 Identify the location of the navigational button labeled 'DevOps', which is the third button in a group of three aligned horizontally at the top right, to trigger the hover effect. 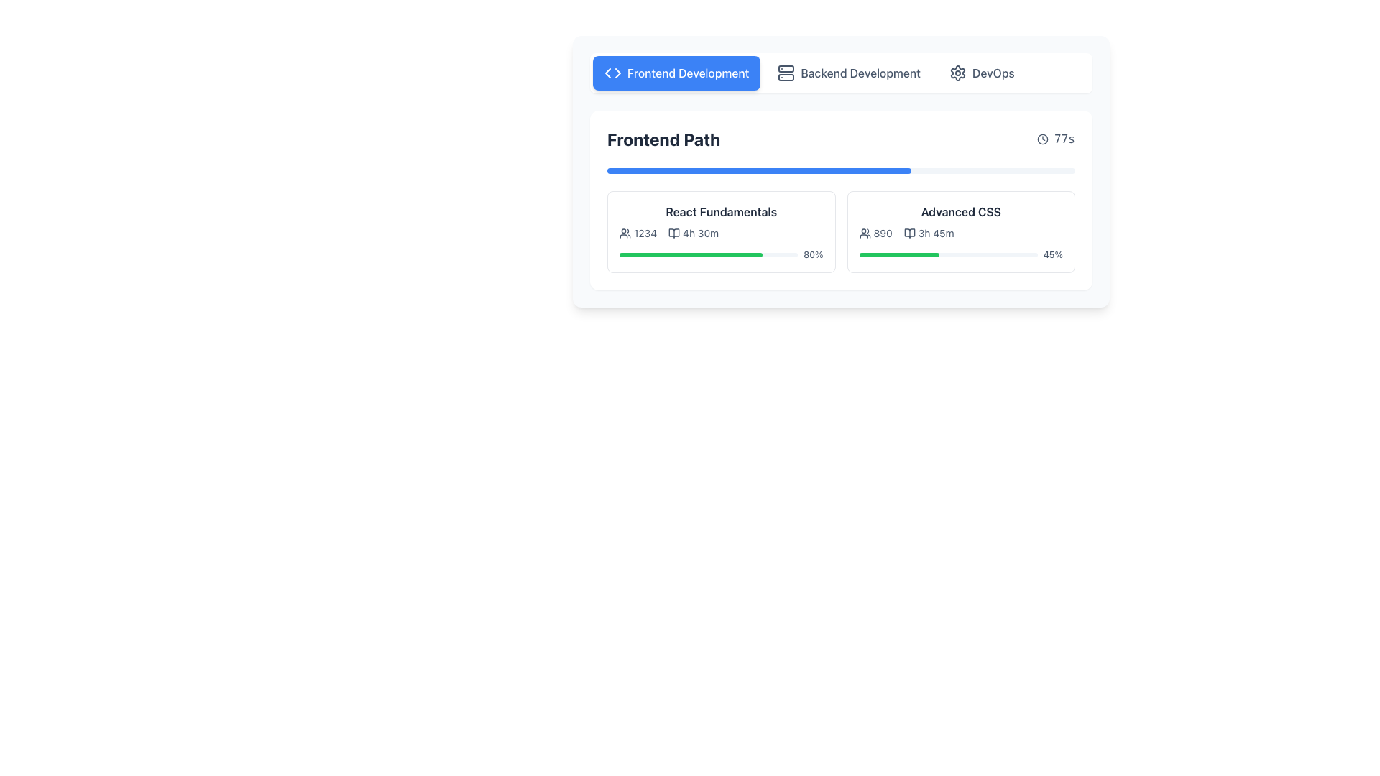
(981, 73).